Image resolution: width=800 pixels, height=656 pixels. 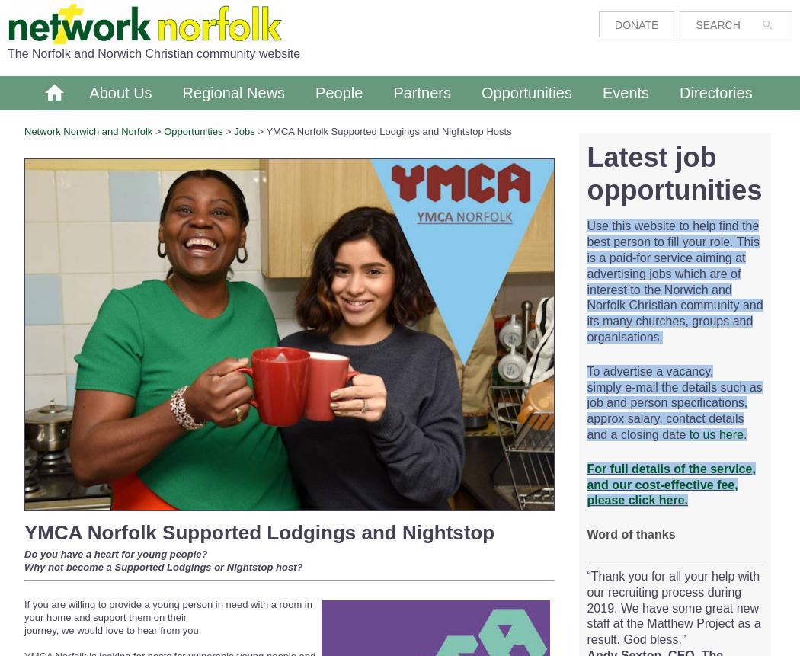 What do you see at coordinates (233, 92) in the screenshot?
I see `'Regional News'` at bounding box center [233, 92].